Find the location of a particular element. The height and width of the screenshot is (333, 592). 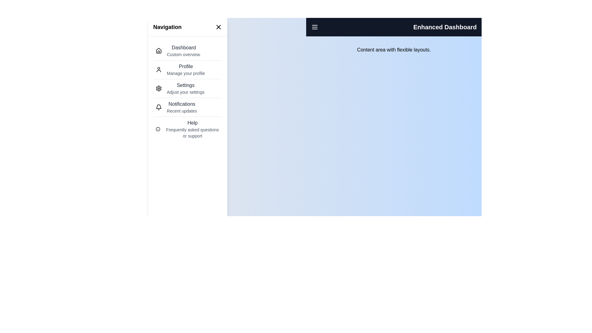

the third item in the vertical navigation menu on the left panel is located at coordinates (187, 88).